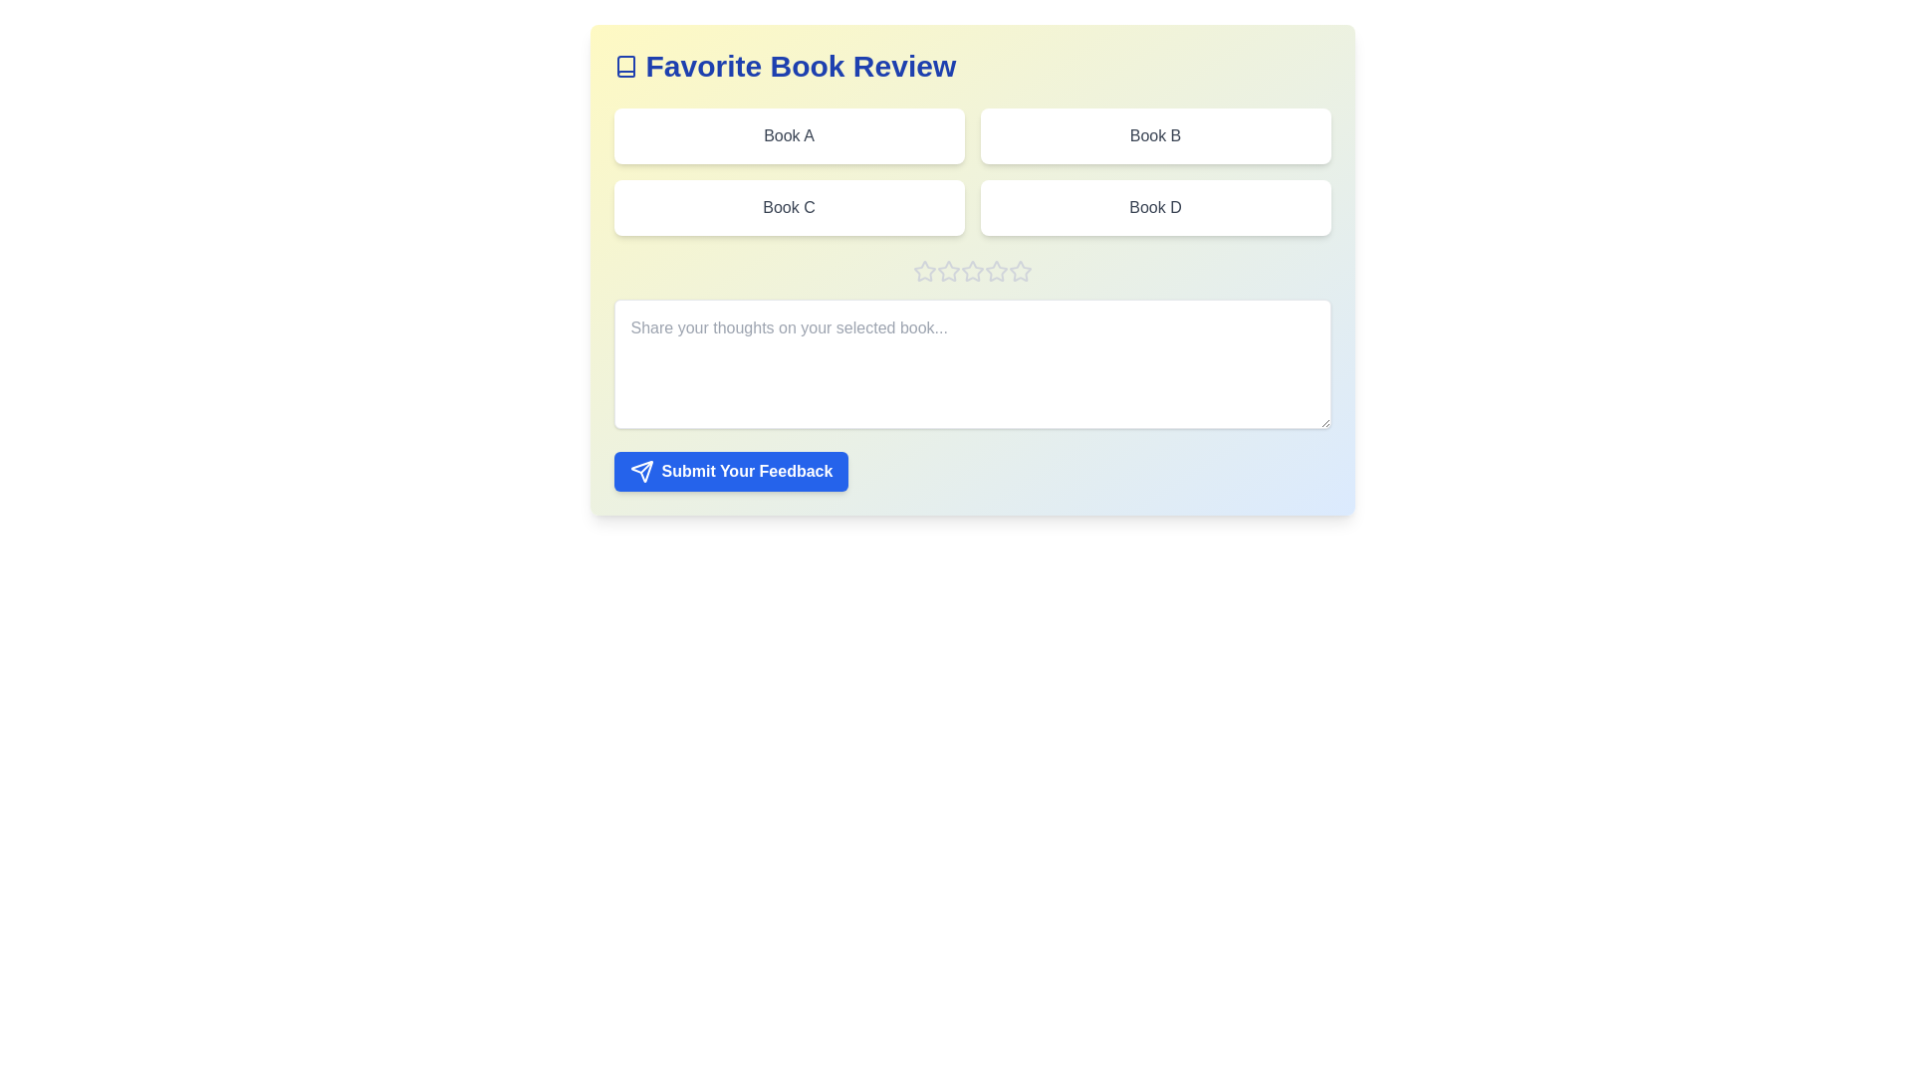 The width and height of the screenshot is (1912, 1075). What do you see at coordinates (730, 472) in the screenshot?
I see `'Submit Your Feedback' button to submit the review and rating` at bounding box center [730, 472].